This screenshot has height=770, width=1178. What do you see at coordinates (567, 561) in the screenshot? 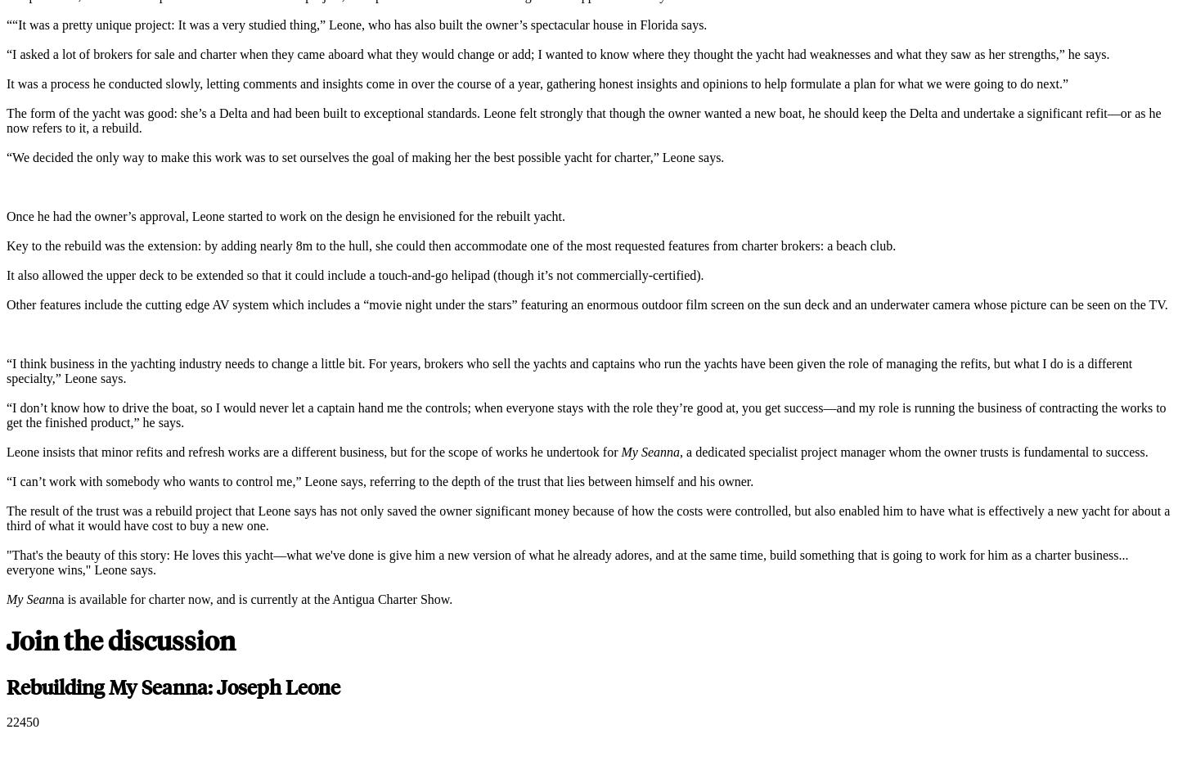
I see `'"That's the beauty of this story: He loves this yacht—what we've done is give him a new version of what he already adores, and at the same time, build something that is going to work for him as a charter business... everyone wins," Leone says.'` at bounding box center [567, 561].